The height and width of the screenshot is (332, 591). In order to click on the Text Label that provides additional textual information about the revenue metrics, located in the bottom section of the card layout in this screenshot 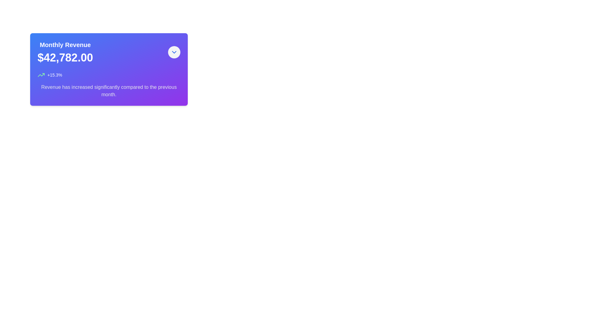, I will do `click(109, 91)`.